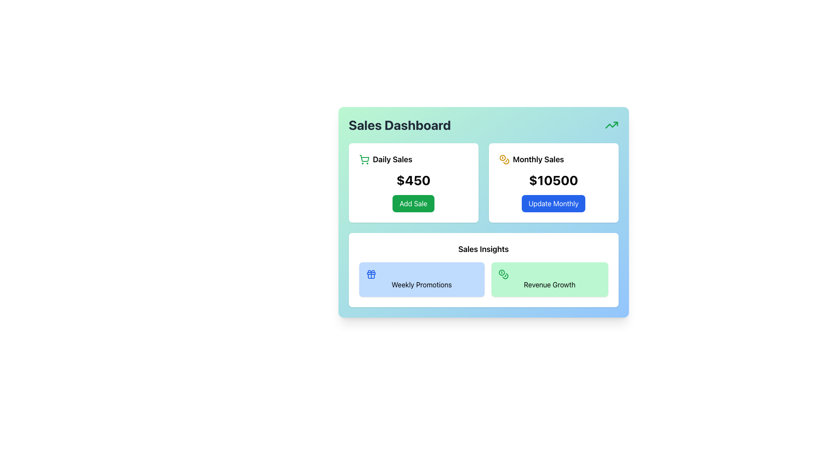 This screenshot has height=466, width=830. I want to click on the 'Weekly Promotions' display card located in the lower-left quadrant of the 'Sales Insights' section to engage with any associated dynamic elements, so click(421, 280).